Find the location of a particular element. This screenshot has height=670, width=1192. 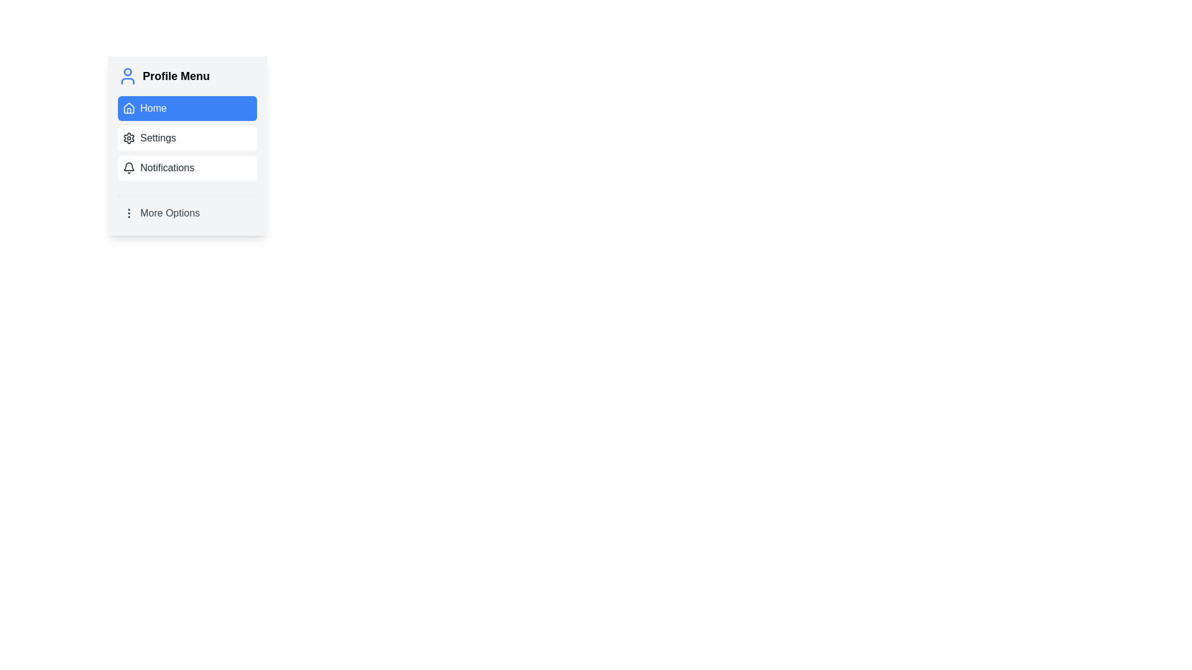

the 'More Options' button located at the bottom of the 'Profile Menu', directly below the 'Notifications' option is located at coordinates (187, 210).